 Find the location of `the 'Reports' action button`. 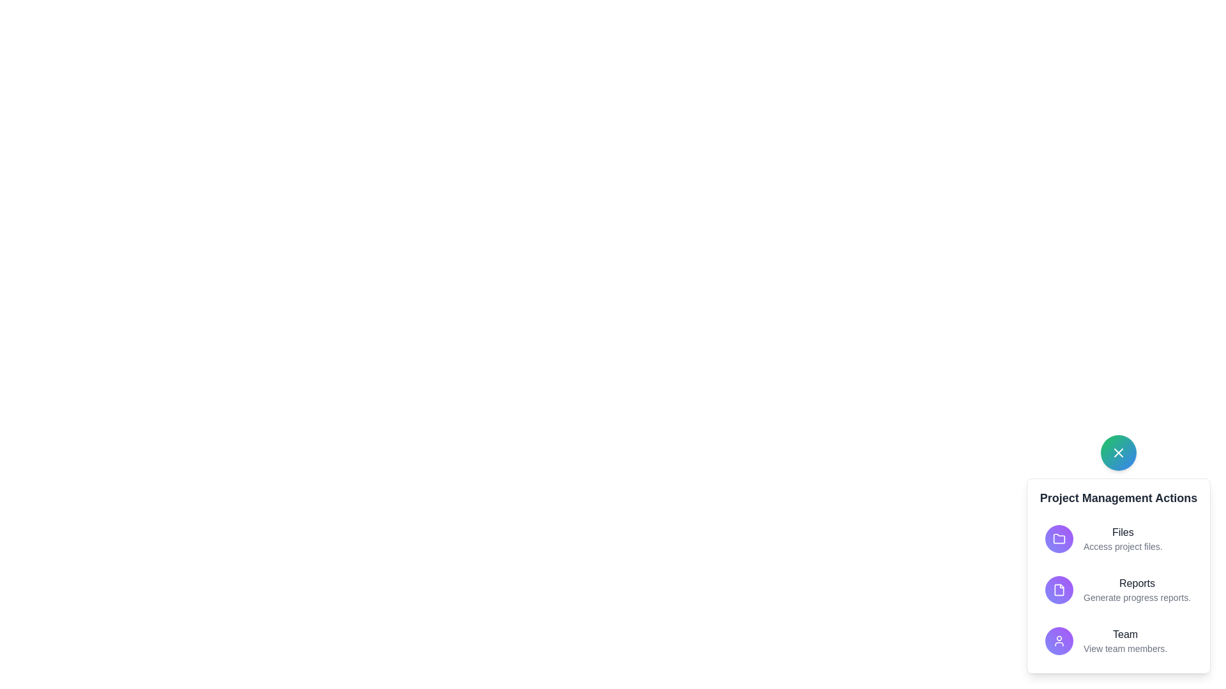

the 'Reports' action button is located at coordinates (1118, 590).